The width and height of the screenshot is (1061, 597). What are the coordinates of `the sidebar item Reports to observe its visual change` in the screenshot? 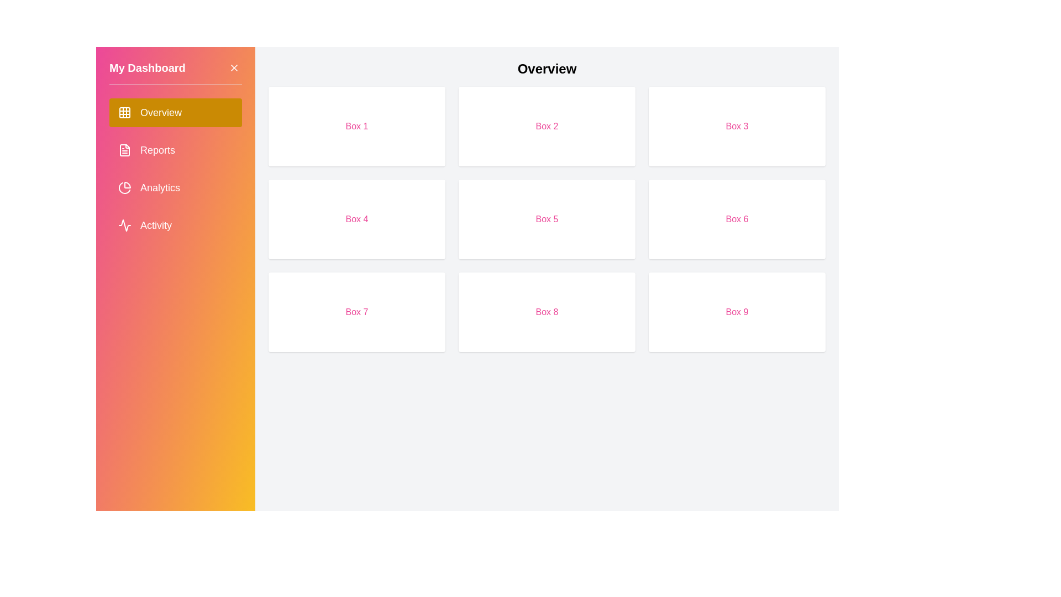 It's located at (175, 150).